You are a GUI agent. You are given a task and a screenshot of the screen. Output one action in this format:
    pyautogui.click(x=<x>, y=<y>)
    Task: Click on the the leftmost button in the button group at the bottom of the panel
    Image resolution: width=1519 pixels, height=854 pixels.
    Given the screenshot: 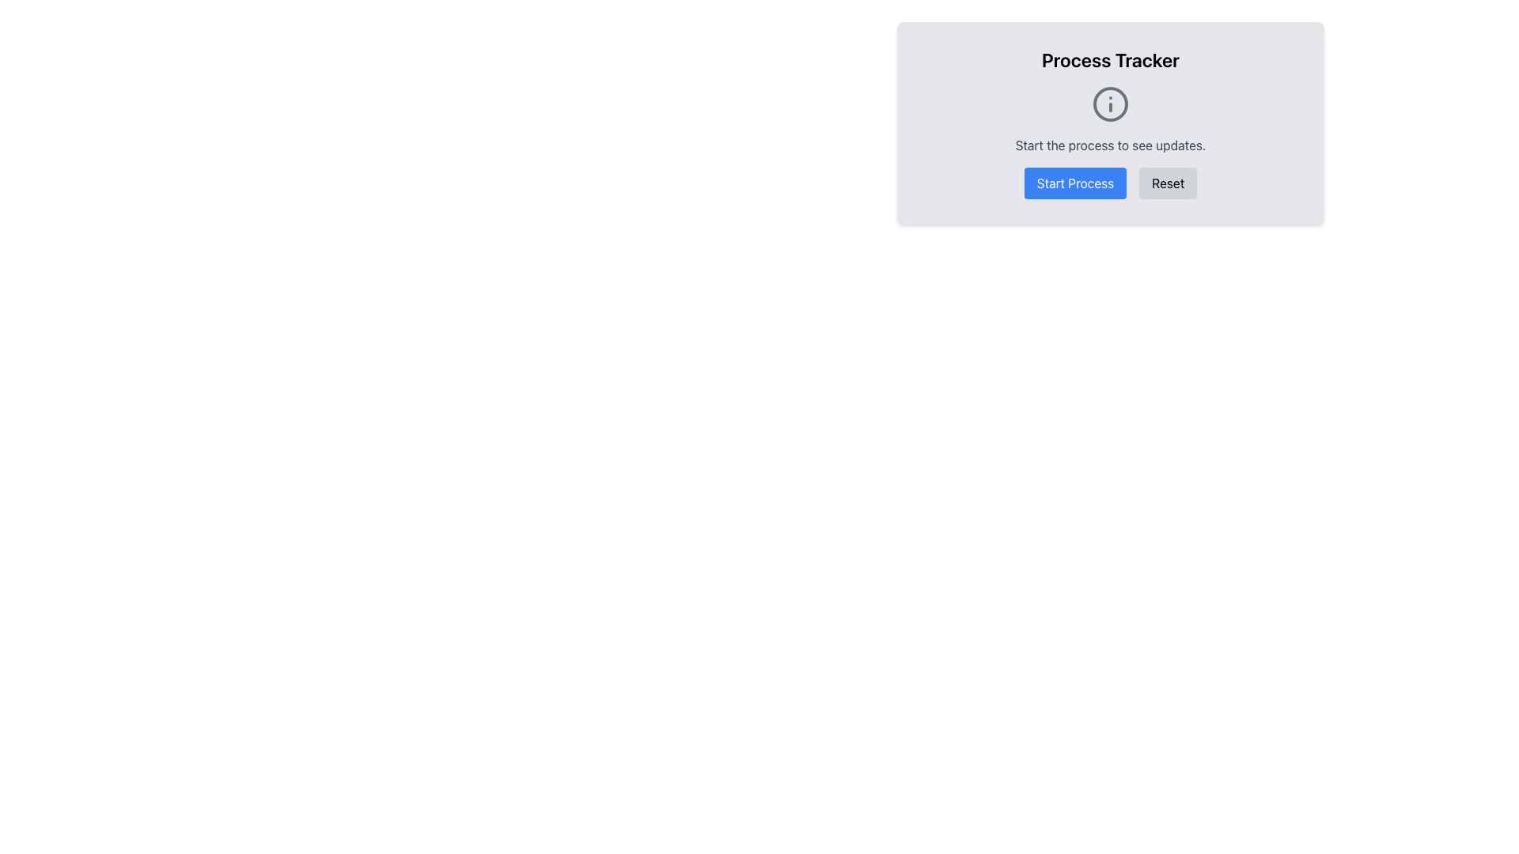 What is the action you would take?
    pyautogui.click(x=1074, y=182)
    